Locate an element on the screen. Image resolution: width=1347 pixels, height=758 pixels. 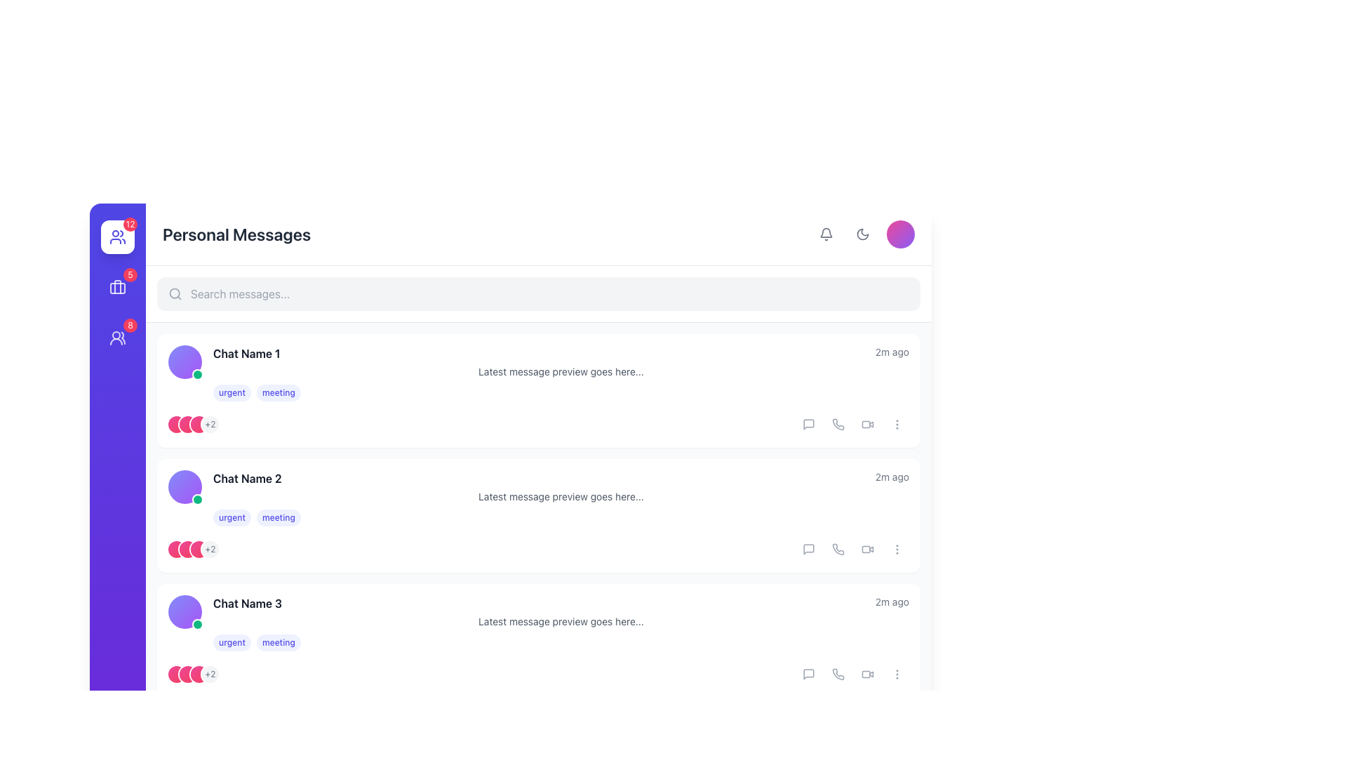
the phone icon with a gray stroke located within the third chat entry is located at coordinates (838, 549).